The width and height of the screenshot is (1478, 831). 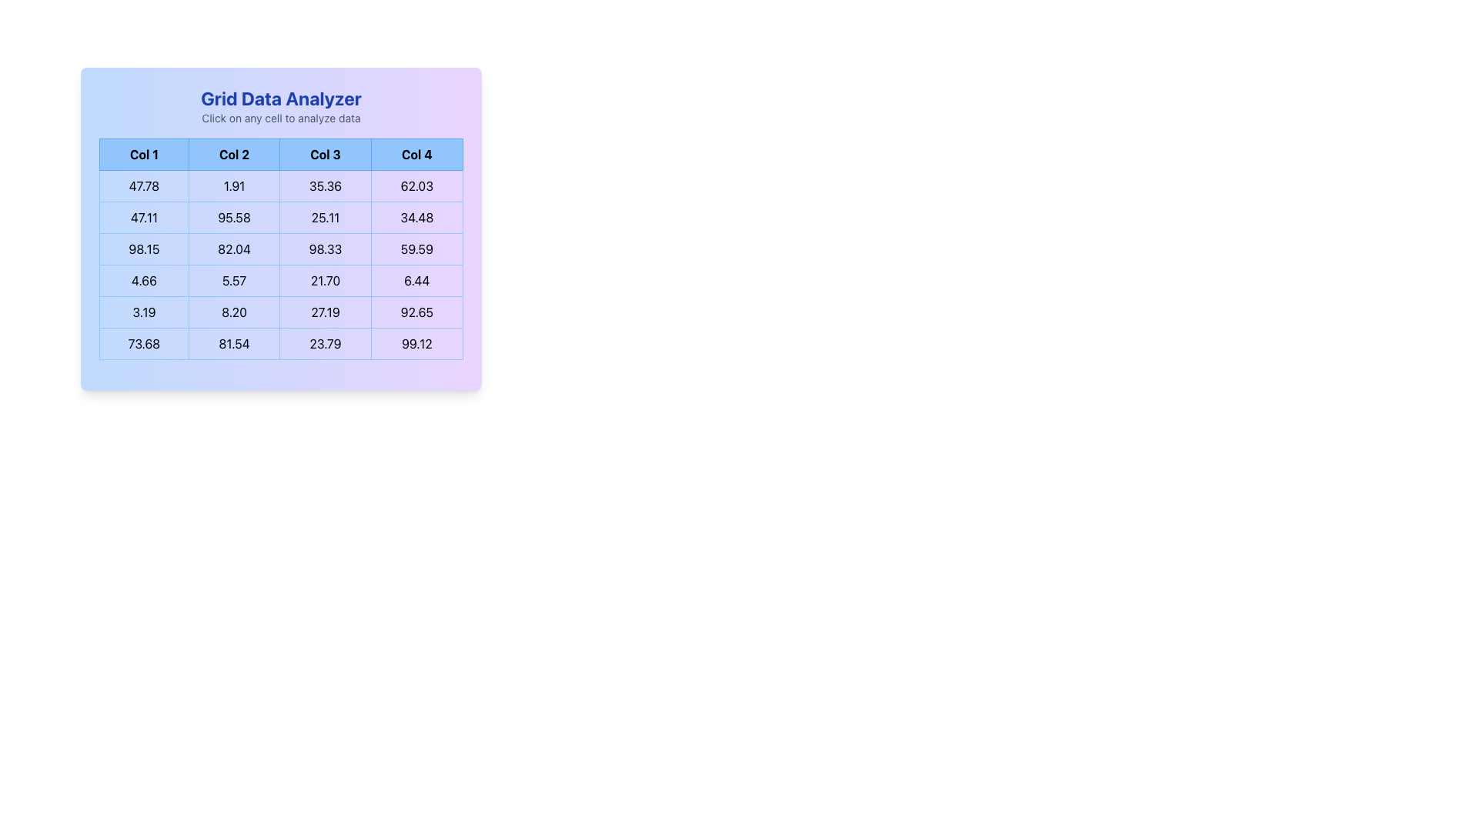 I want to click on the table cell displaying the numeric value '98.33', so click(x=281, y=264).